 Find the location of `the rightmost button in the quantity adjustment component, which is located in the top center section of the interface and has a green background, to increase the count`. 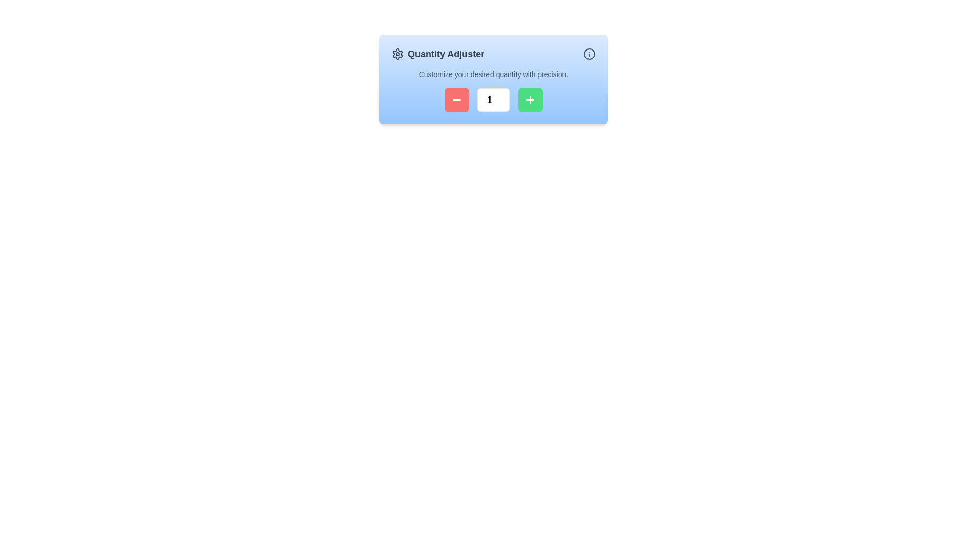

the rightmost button in the quantity adjustment component, which is located in the top center section of the interface and has a green background, to increase the count is located at coordinates (530, 100).